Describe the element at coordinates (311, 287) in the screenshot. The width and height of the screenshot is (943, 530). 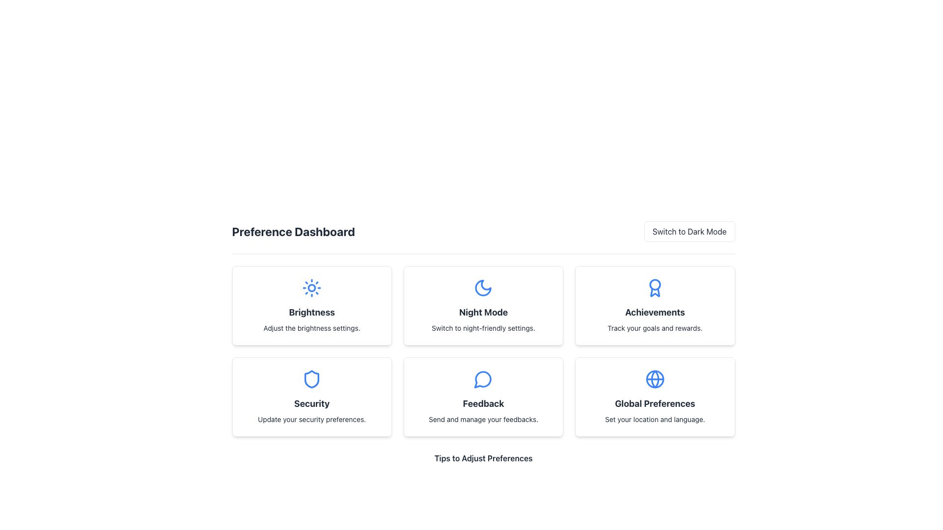
I see `the decorative graphical element that represents the core of the sun icon within the SVG` at that location.